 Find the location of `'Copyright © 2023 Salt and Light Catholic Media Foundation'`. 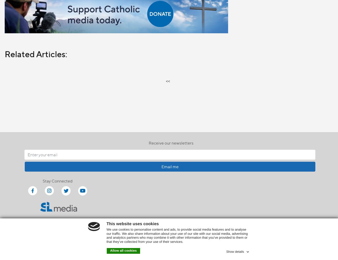

'Copyright © 2023 Salt and Light Catholic Media Foundation' is located at coordinates (169, 239).